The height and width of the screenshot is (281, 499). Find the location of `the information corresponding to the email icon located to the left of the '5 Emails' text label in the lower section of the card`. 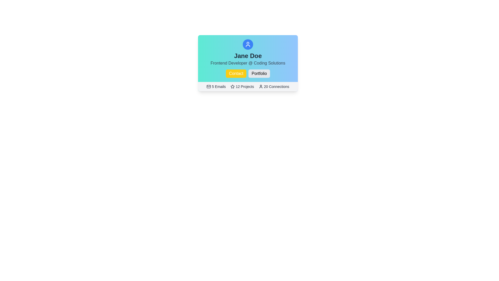

the information corresponding to the email icon located to the left of the '5 Emails' text label in the lower section of the card is located at coordinates (208, 86).